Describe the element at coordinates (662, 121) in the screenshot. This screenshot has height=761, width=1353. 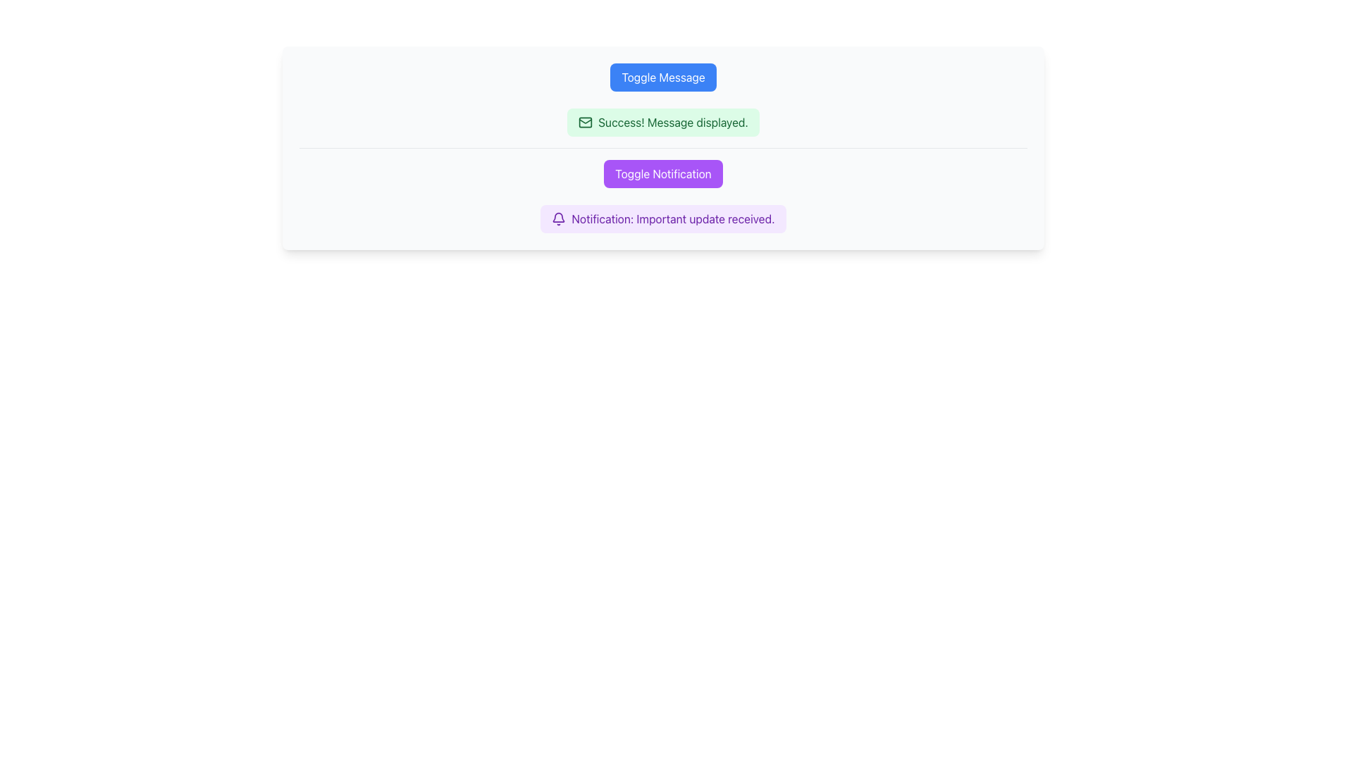
I see `the notification alert box with a light green background and dark green text that displays 'Success! Message displayed.'` at that location.